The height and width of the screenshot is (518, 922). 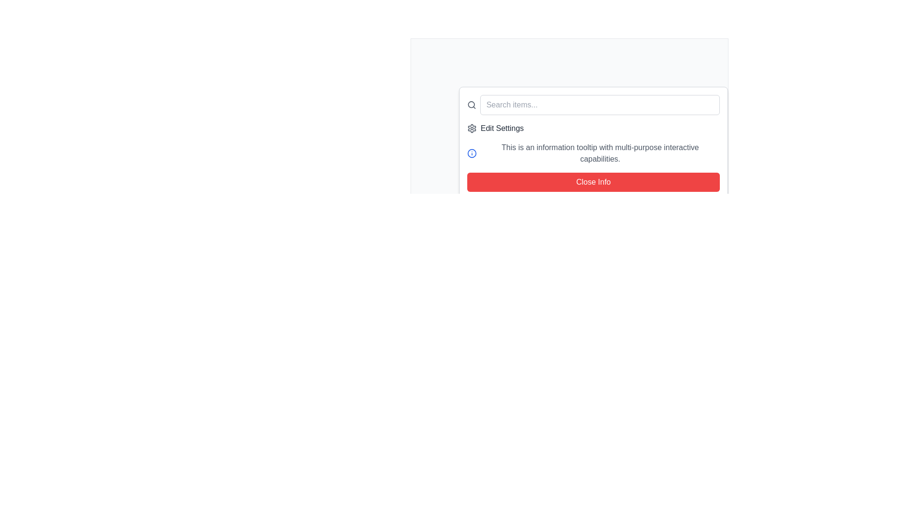 What do you see at coordinates (472, 128) in the screenshot?
I see `the gear cog icon, which is gray and located to the left of the 'Edit Settings' text` at bounding box center [472, 128].